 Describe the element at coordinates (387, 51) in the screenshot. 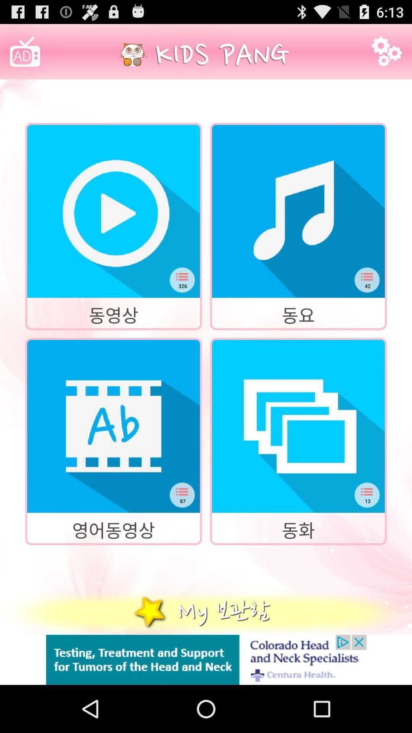

I see `settings icon in right top` at that location.